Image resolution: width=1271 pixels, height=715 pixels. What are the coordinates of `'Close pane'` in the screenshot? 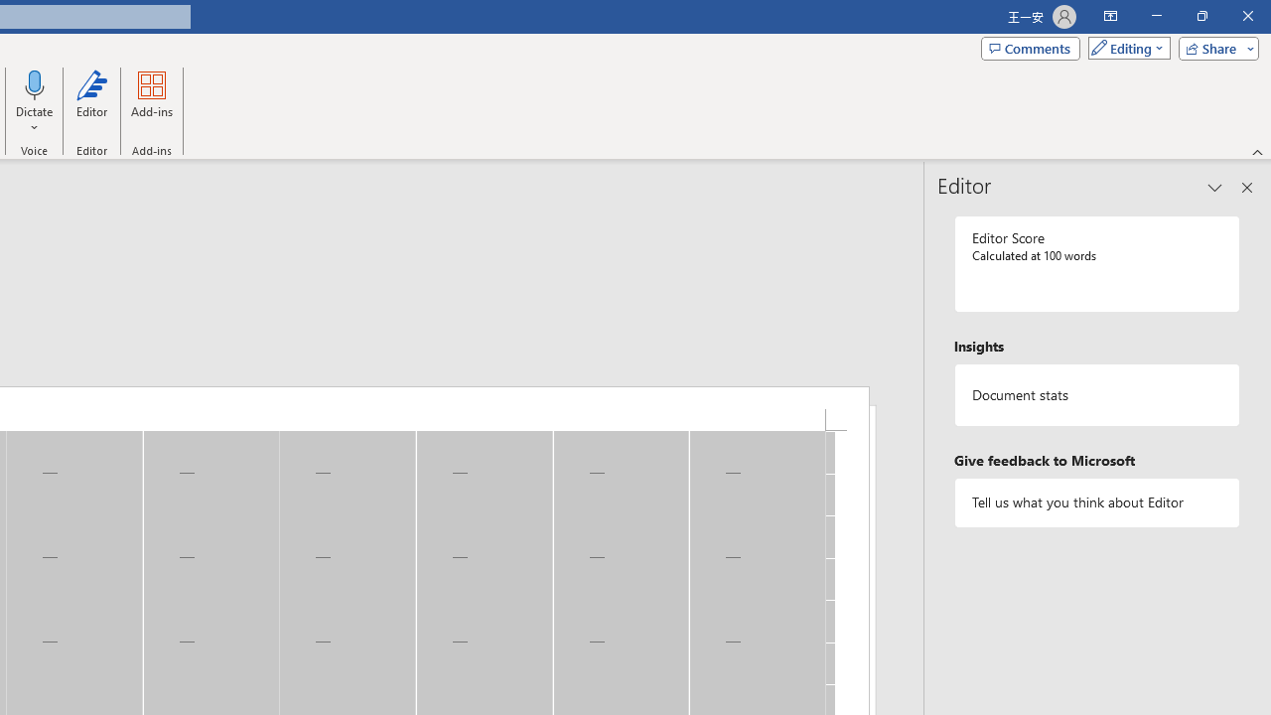 It's located at (1246, 188).